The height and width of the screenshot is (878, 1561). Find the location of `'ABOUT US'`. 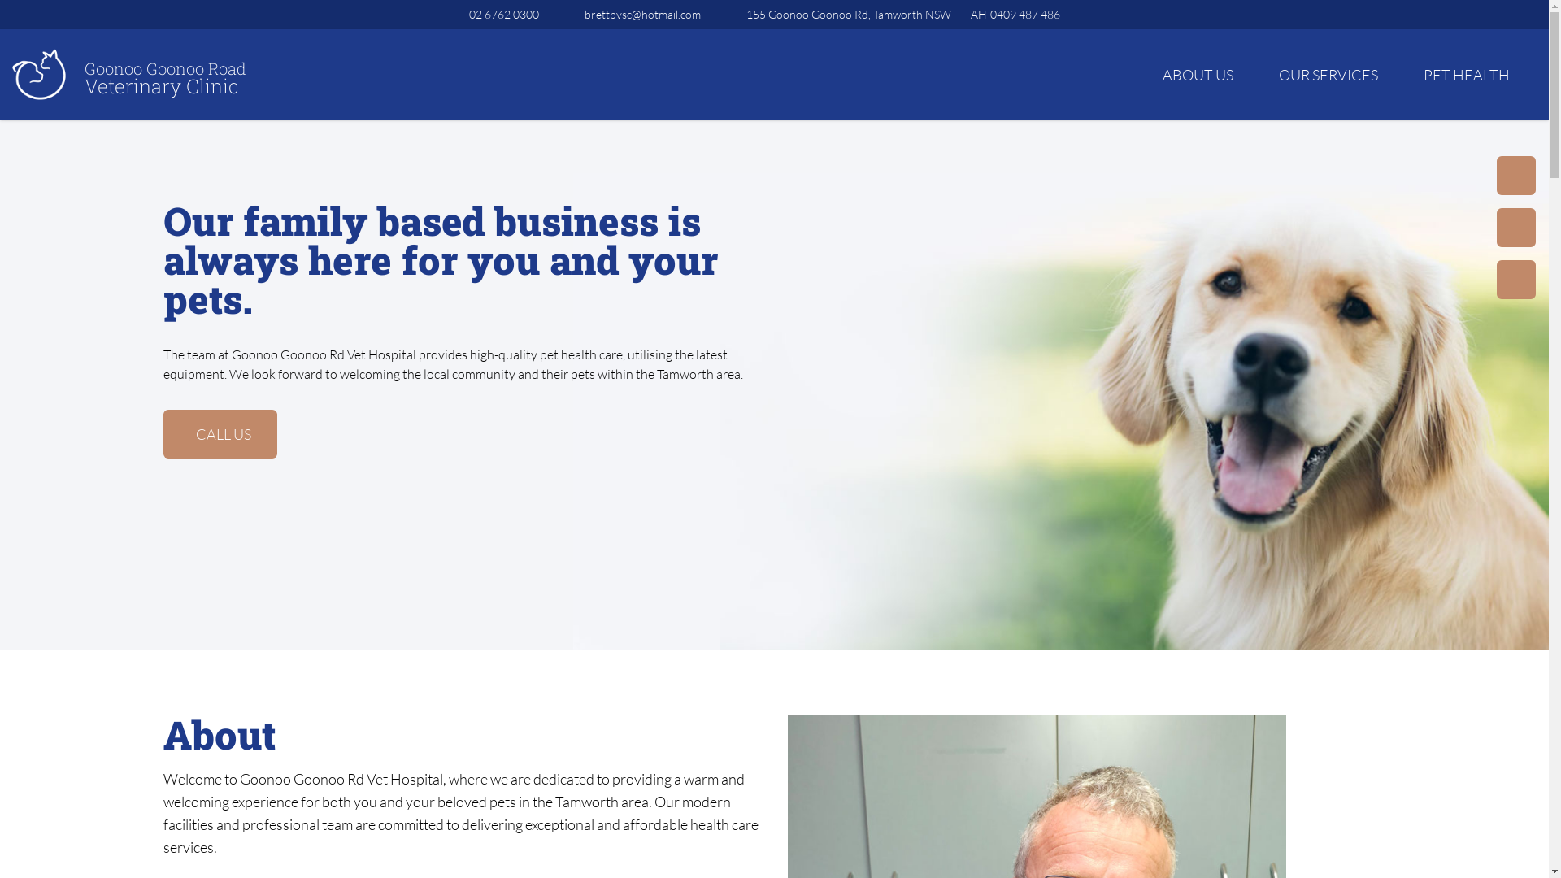

'ABOUT US' is located at coordinates (1149, 75).